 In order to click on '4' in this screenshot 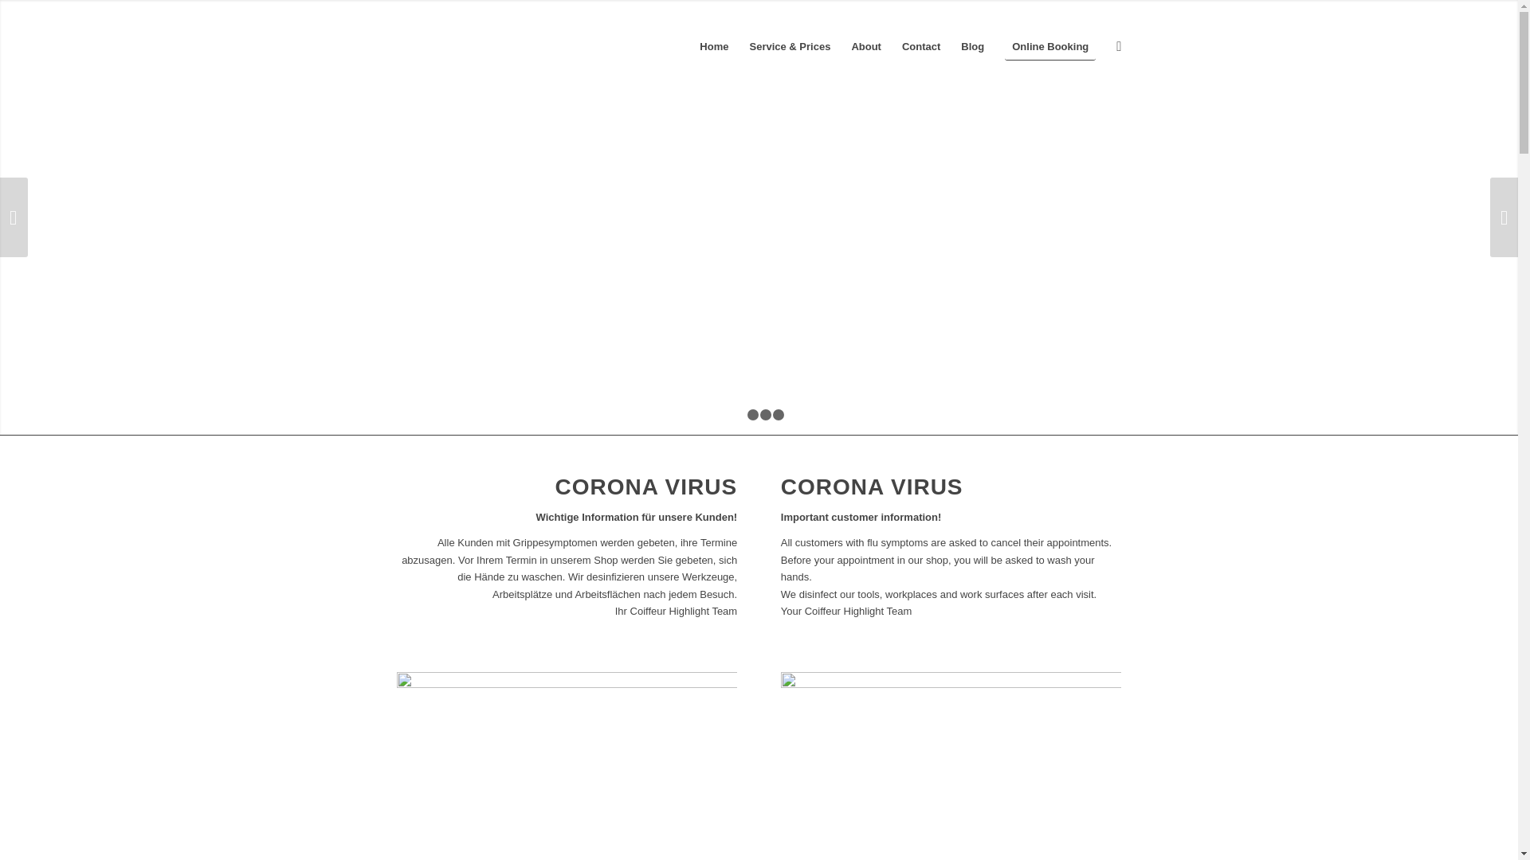, I will do `click(779, 413)`.